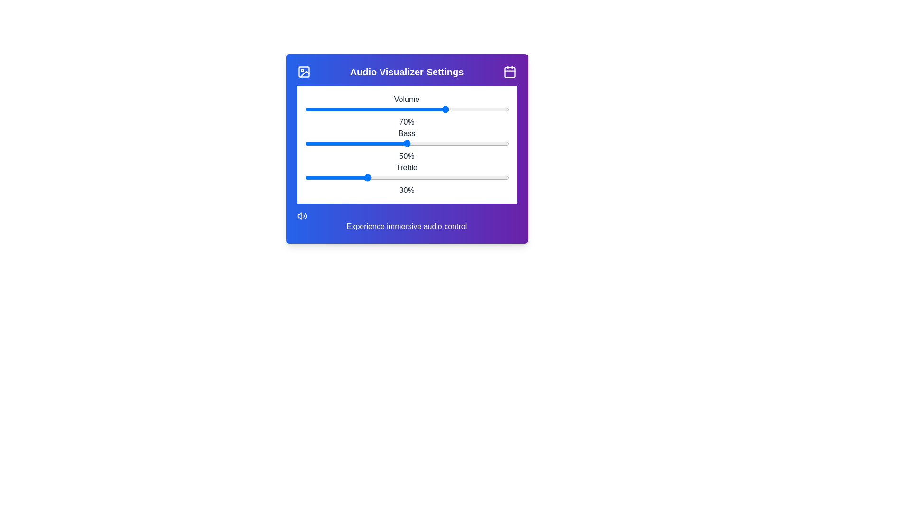  What do you see at coordinates (378, 144) in the screenshot?
I see `the bass slider to set the bass level to 36%` at bounding box center [378, 144].